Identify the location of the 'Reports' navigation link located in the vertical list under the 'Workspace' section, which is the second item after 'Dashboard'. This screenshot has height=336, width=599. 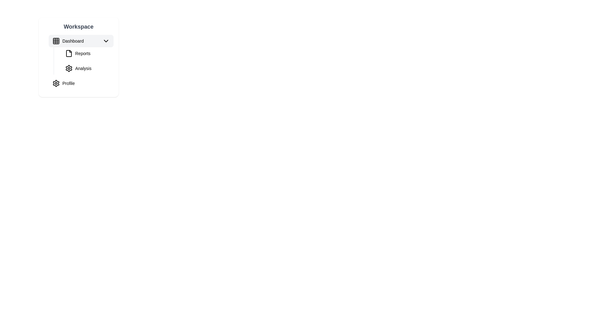
(87, 53).